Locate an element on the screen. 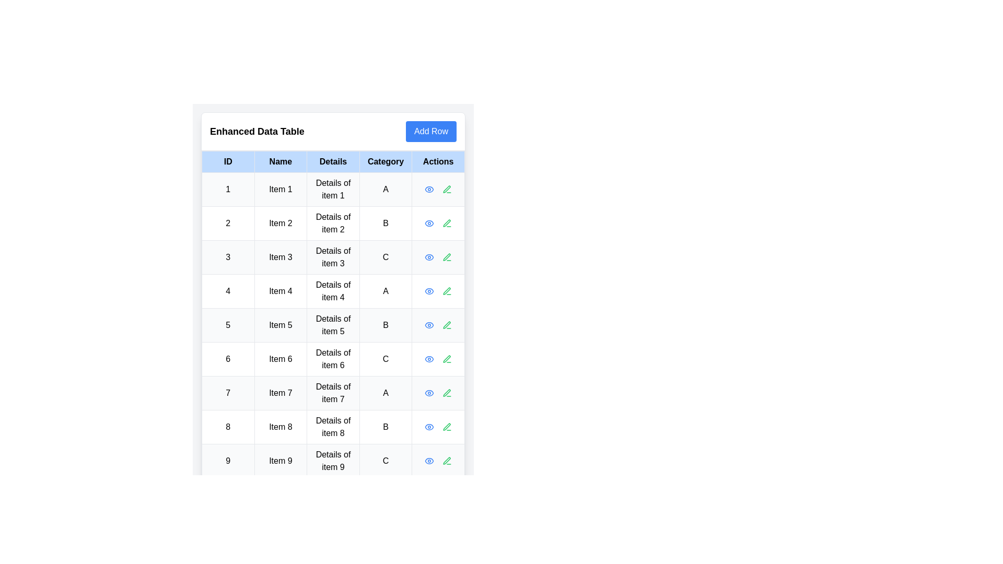 The height and width of the screenshot is (564, 1003). the green edit button with a pen icon located in the 'Actions' column of the row for 'Item 3', which is the second actionable element following the blue eye icon is located at coordinates (447, 257).